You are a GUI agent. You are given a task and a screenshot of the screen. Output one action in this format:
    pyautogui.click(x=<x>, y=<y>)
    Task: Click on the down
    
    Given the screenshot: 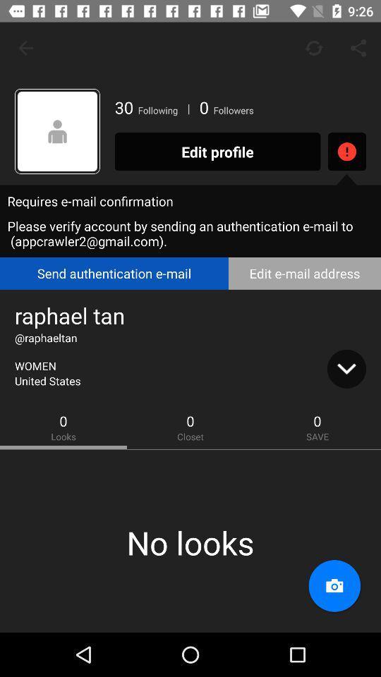 What is the action you would take?
    pyautogui.click(x=346, y=368)
    